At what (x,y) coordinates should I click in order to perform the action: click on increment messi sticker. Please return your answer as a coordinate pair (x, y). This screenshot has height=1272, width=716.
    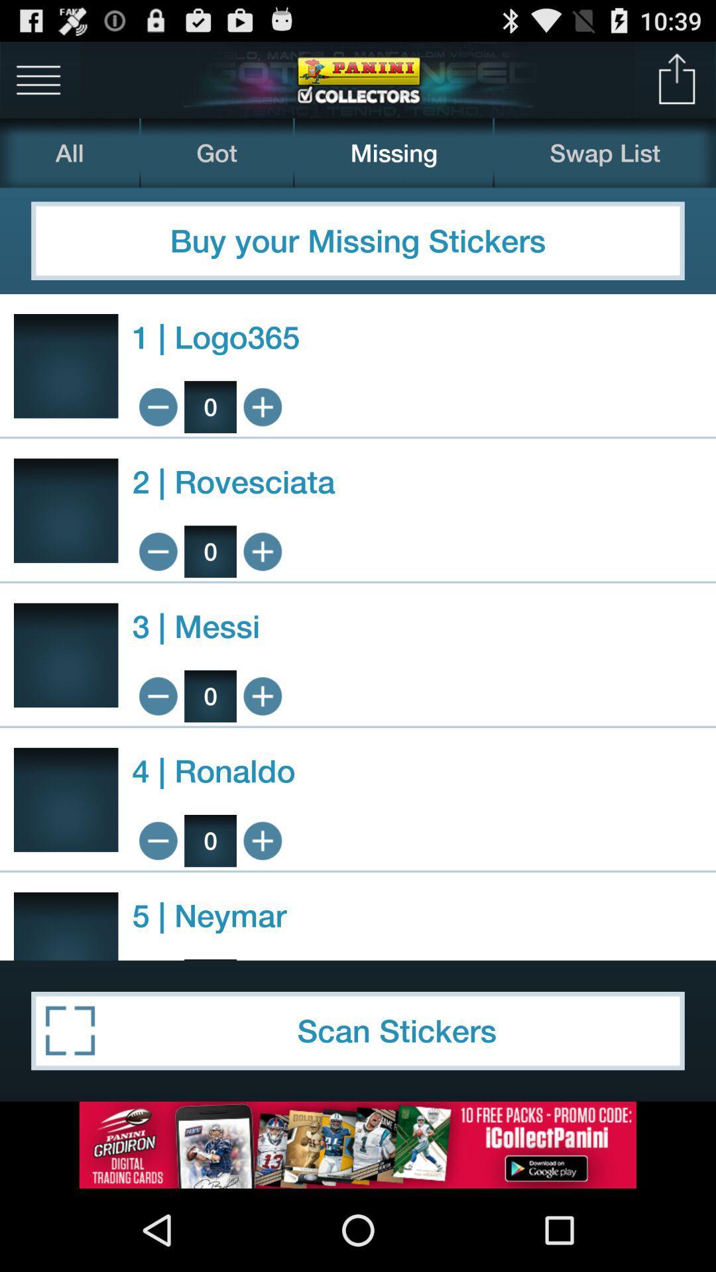
    Looking at the image, I should click on (263, 696).